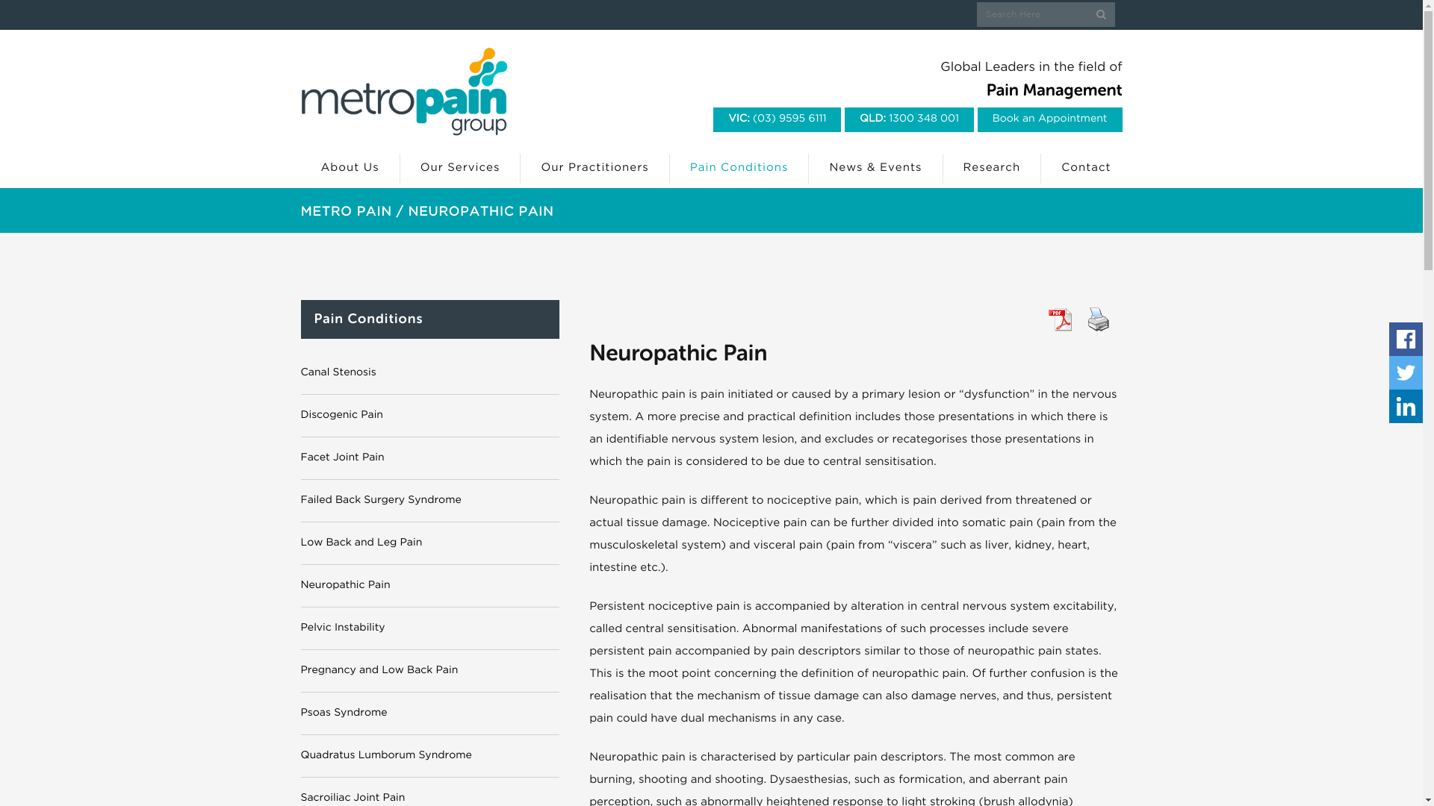 The height and width of the screenshot is (806, 1434). Describe the element at coordinates (1388, 339) in the screenshot. I see `'Share on Facebook'` at that location.